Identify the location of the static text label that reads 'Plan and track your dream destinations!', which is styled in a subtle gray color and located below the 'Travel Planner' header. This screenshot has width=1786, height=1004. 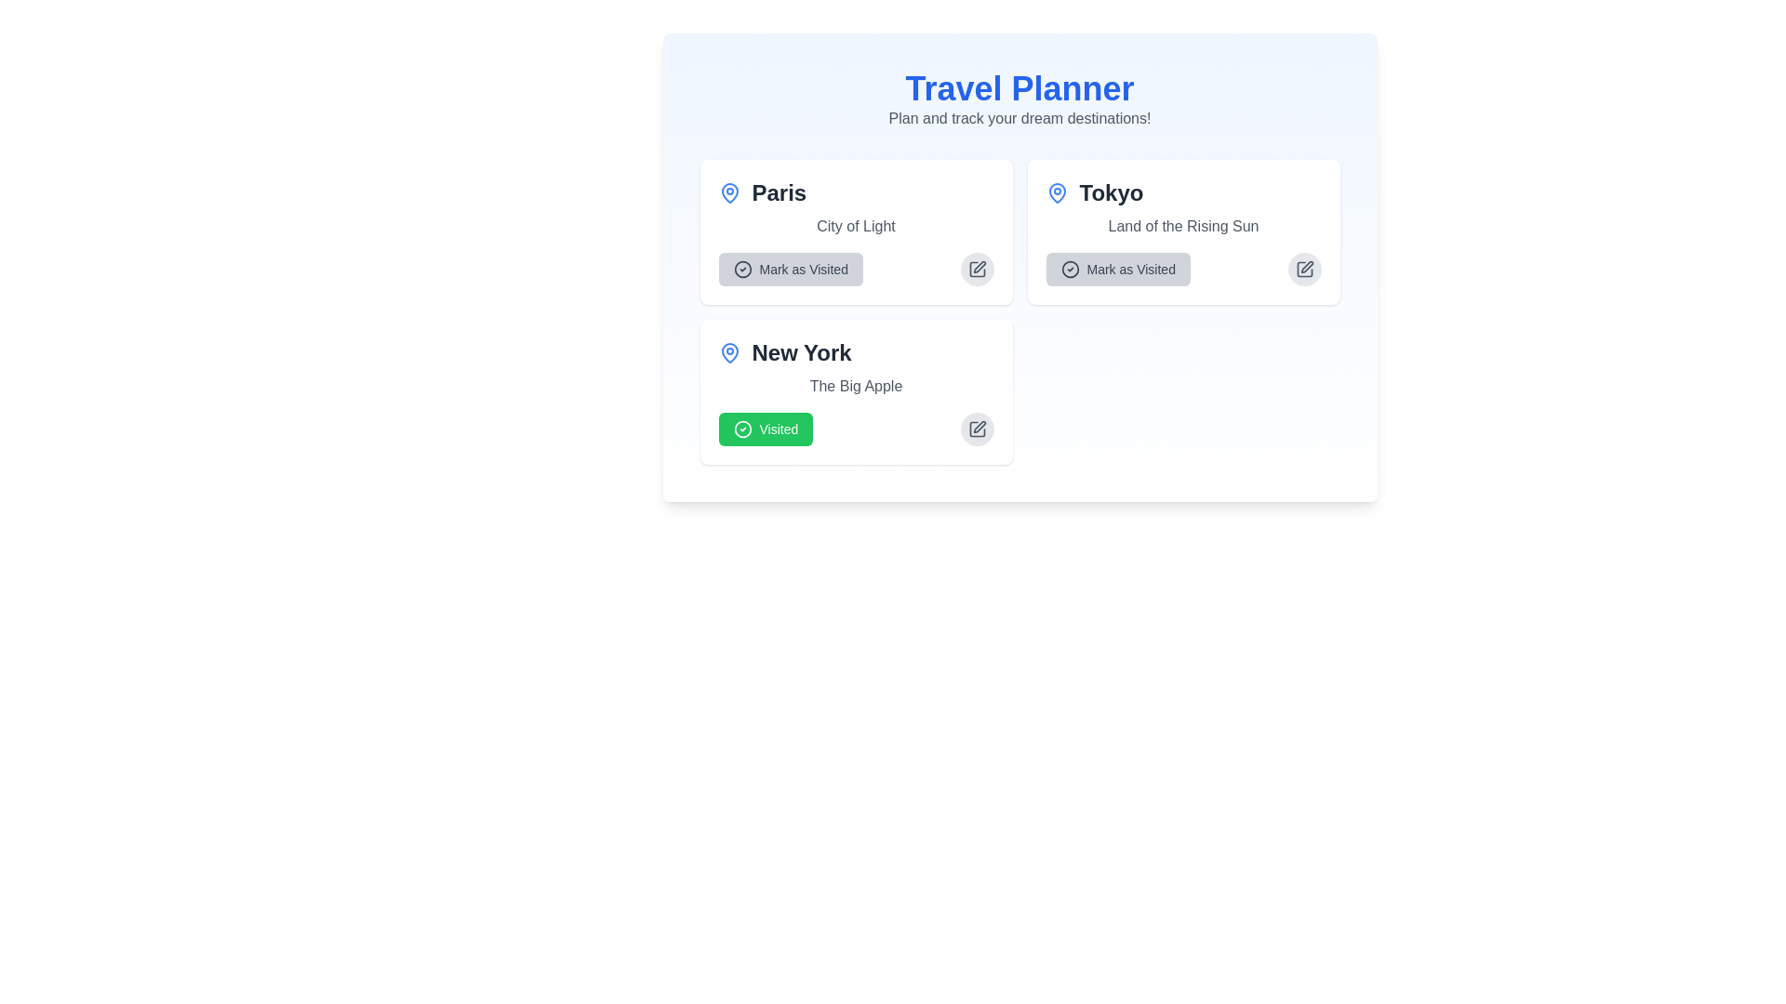
(1019, 118).